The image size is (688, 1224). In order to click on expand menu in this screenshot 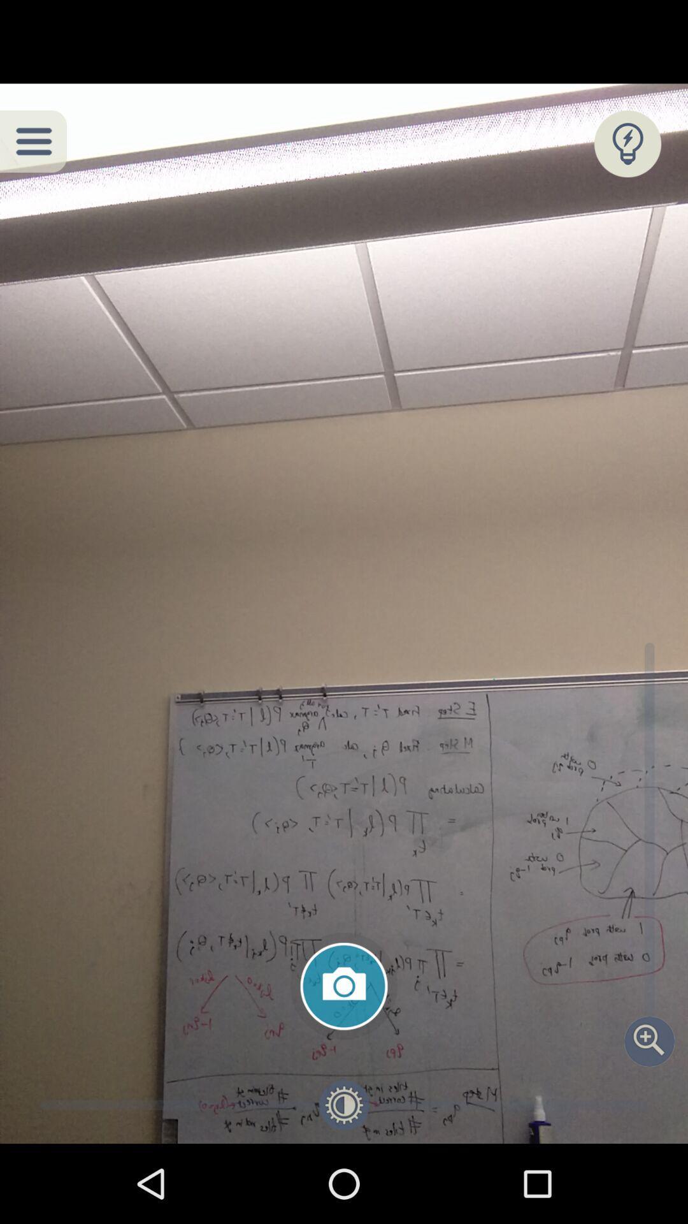, I will do `click(32, 141)`.